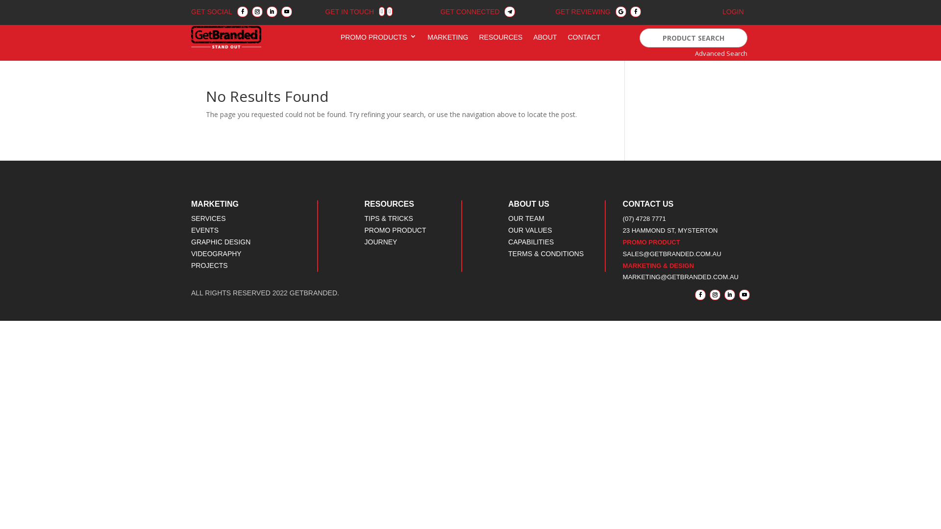 The image size is (941, 529). What do you see at coordinates (220, 241) in the screenshot?
I see `'GRAPHIC DESIGN'` at bounding box center [220, 241].